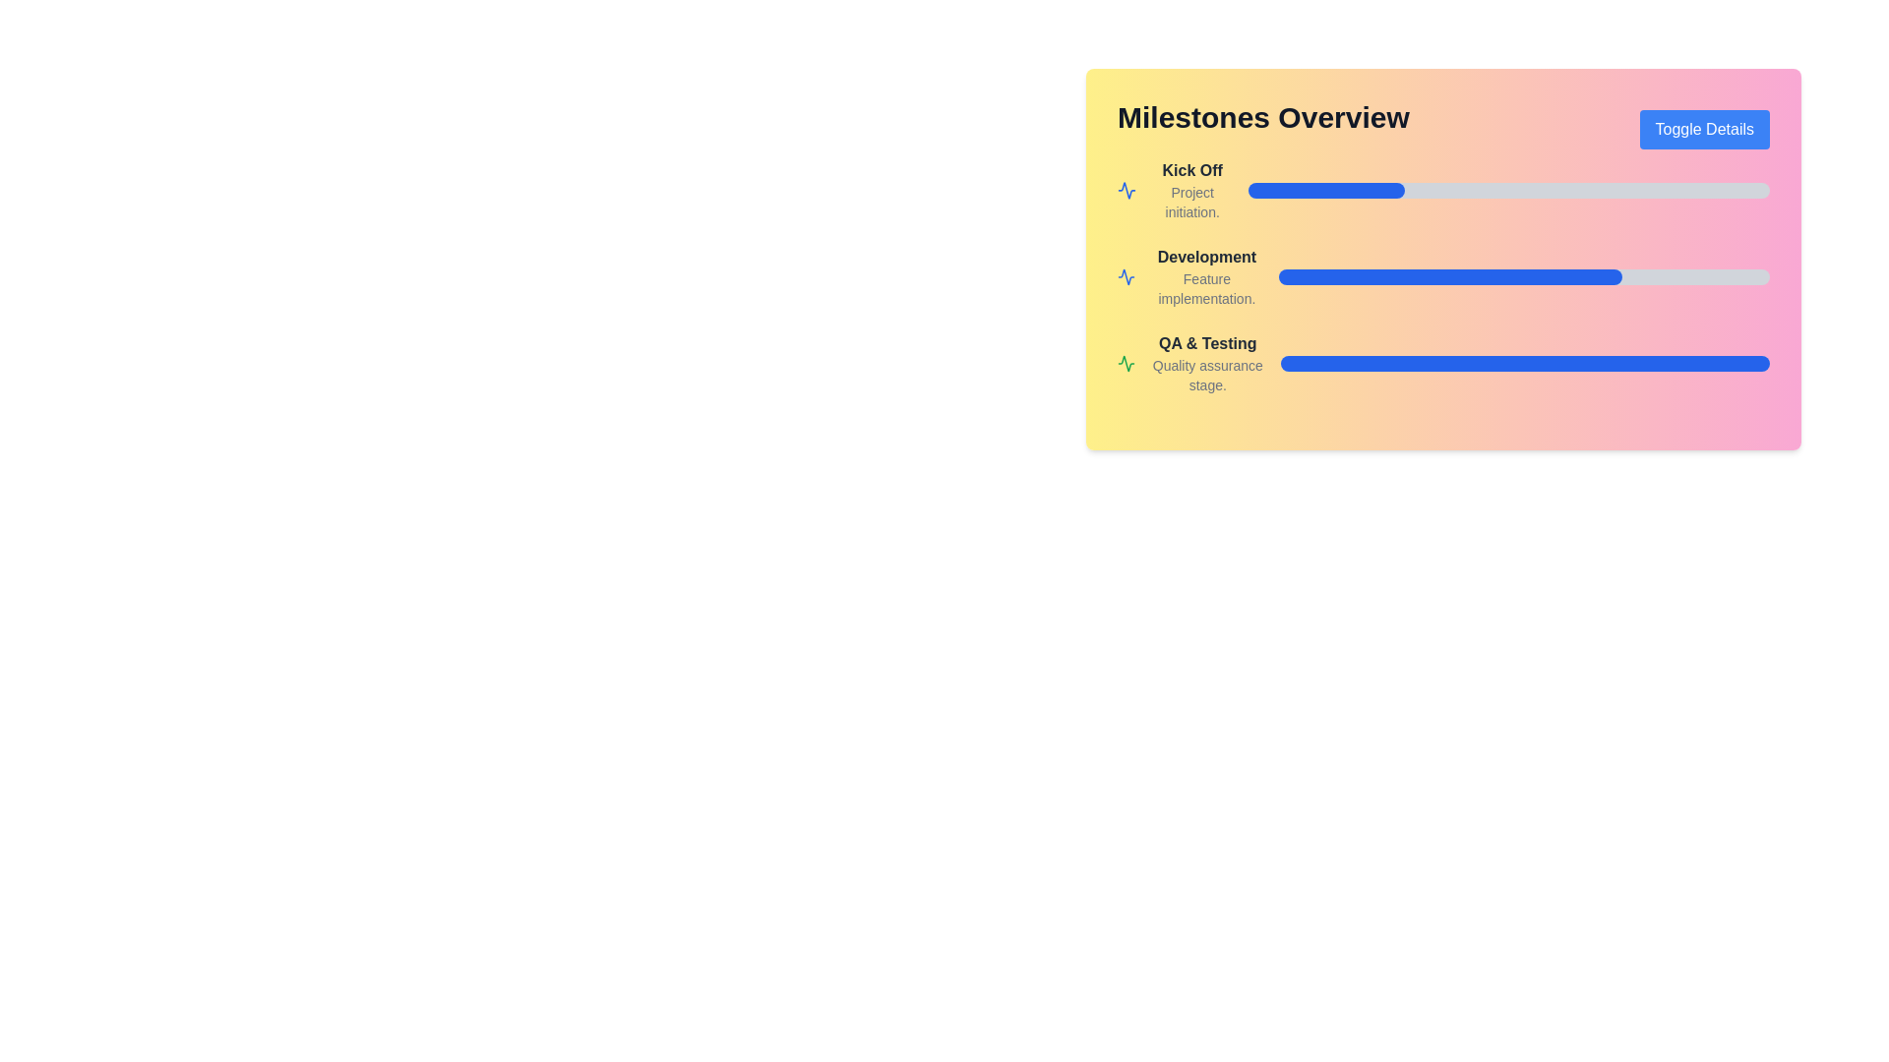  I want to click on the icon representing the 'Development' stage in the Milestones Overview section, located to the left of the 'Development' heading and aligned with the second milestone's progress bar, so click(1127, 190).